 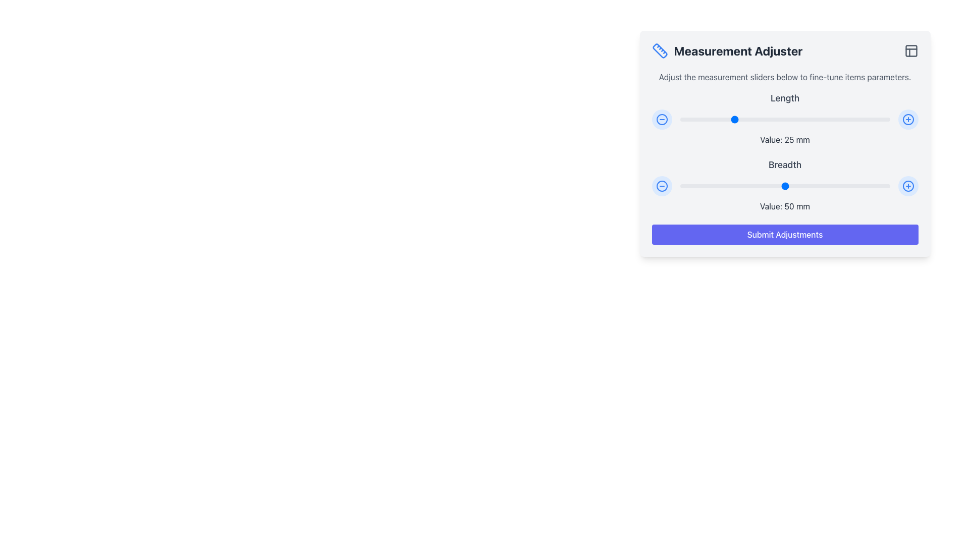 What do you see at coordinates (728, 186) in the screenshot?
I see `the breadth` at bounding box center [728, 186].